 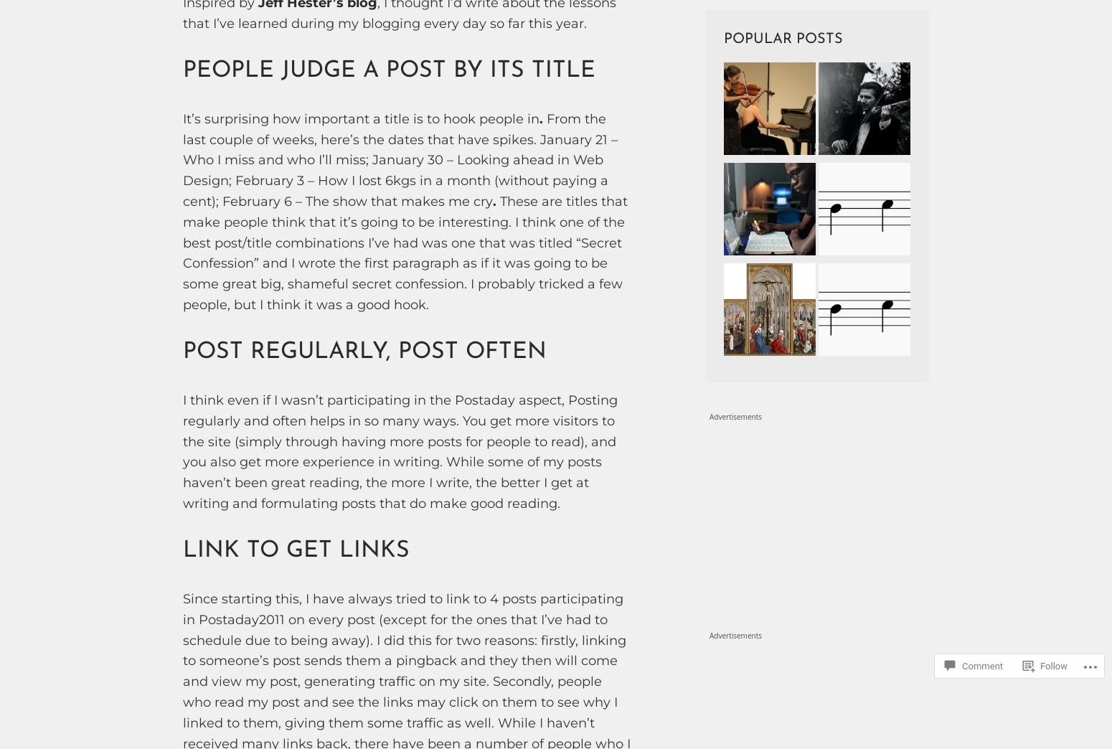 I want to click on 'I think even if I wasn’t participating in the Postaday aspect, Posting regularly and often helps in so many ways. You get more visitors to the site (simply through having more posts for people to read), and you also get more experience in writing. While some of my posts haven’t been great reading, the more I write, the better I get at writing and formulating posts that do make good reading.', so click(x=182, y=451).